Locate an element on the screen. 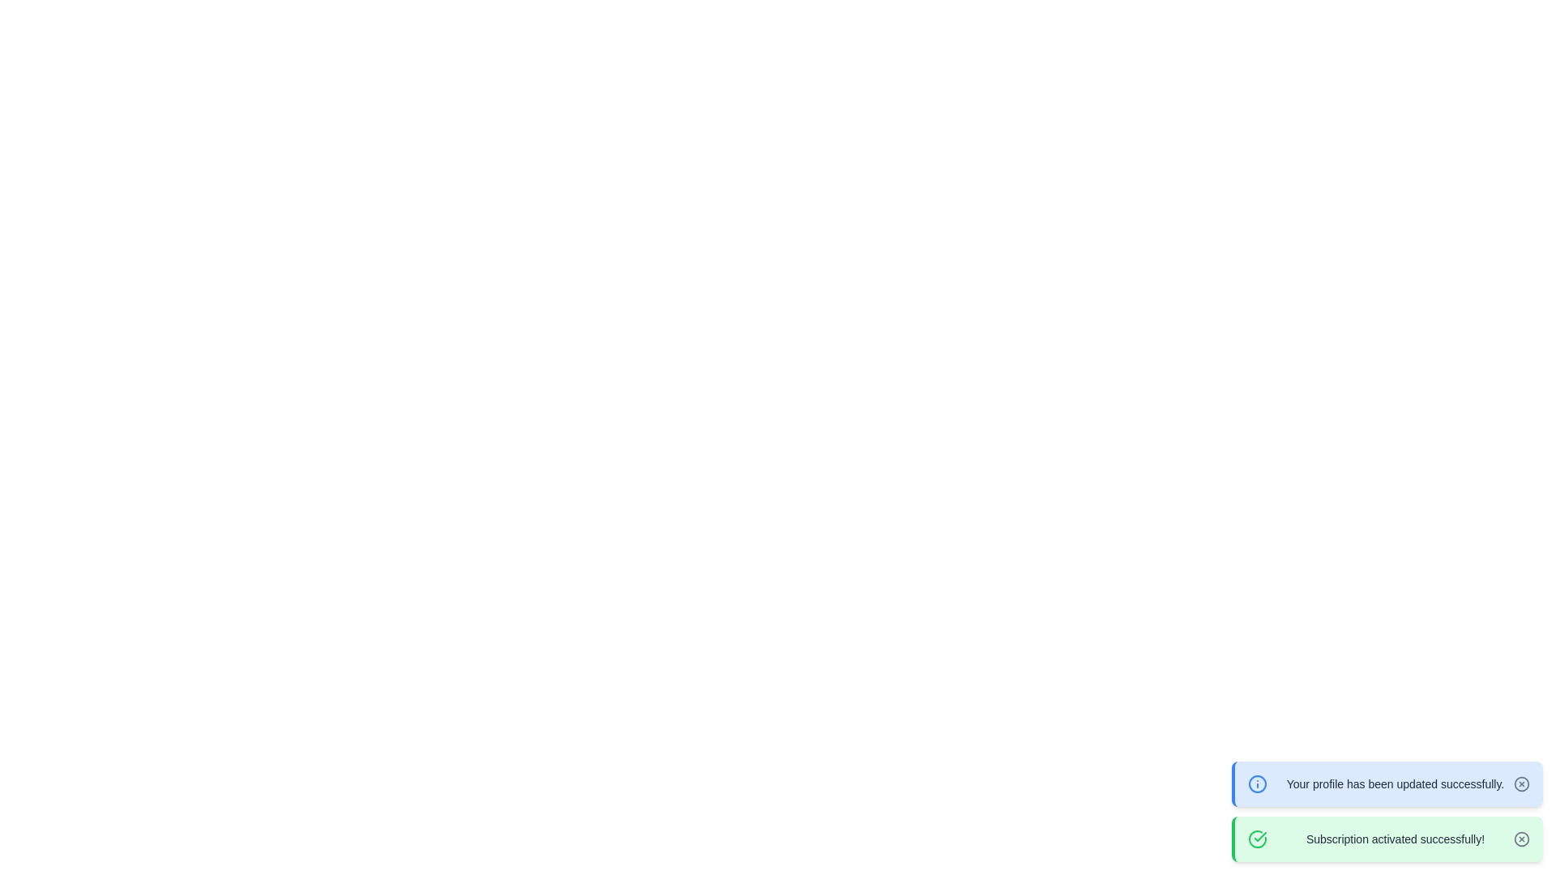 The width and height of the screenshot is (1556, 875). the circular blue-bordered info icon located on the far left of the notification panel that states 'Your profile has been updated successfully.' is located at coordinates (1256, 783).